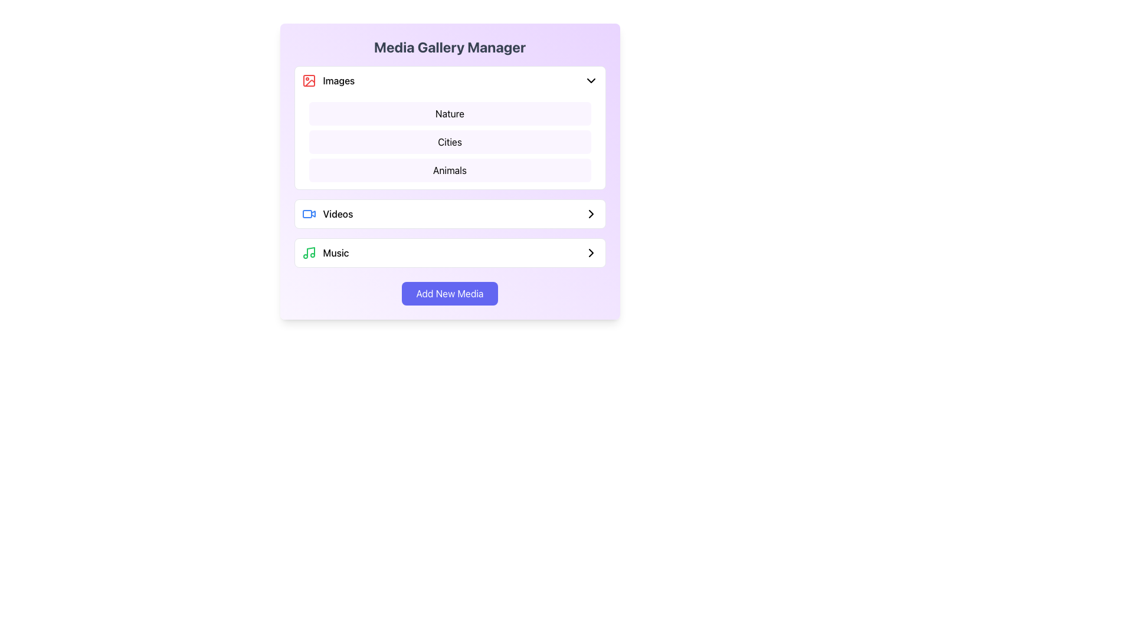 The height and width of the screenshot is (637, 1133). What do you see at coordinates (449, 141) in the screenshot?
I see `the interactive list items or selection tiles under the 'Images' header in the 'Media Gallery Manager'` at bounding box center [449, 141].